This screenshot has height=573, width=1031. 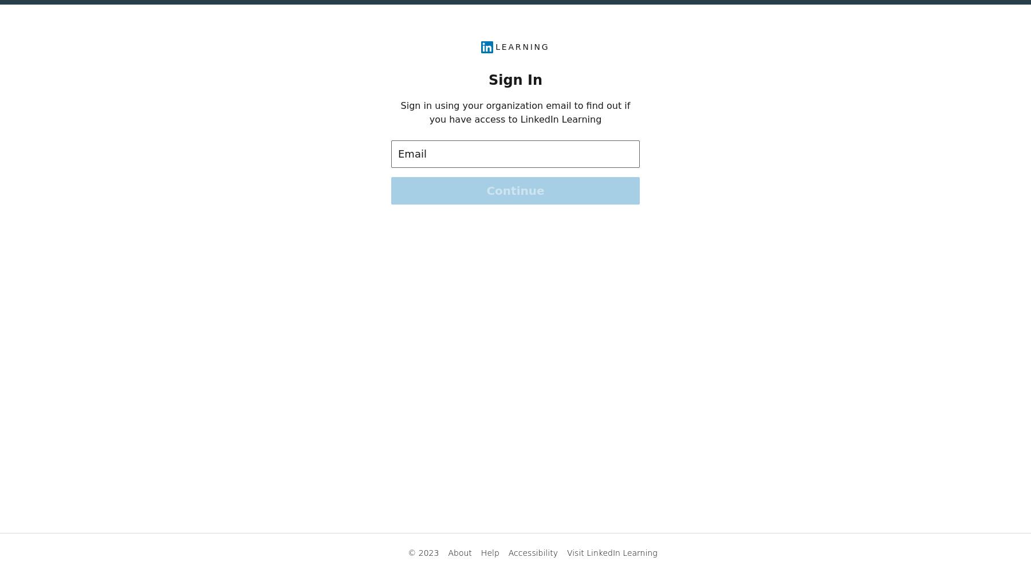 What do you see at coordinates (447, 552) in the screenshot?
I see `'About'` at bounding box center [447, 552].